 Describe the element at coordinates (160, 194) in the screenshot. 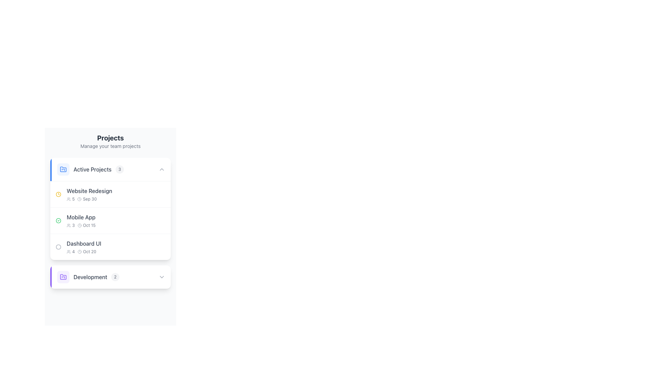

I see `the circular alert button located to the far right of the 'Website Redesign' project entry in the 'Active Projects' section` at that location.